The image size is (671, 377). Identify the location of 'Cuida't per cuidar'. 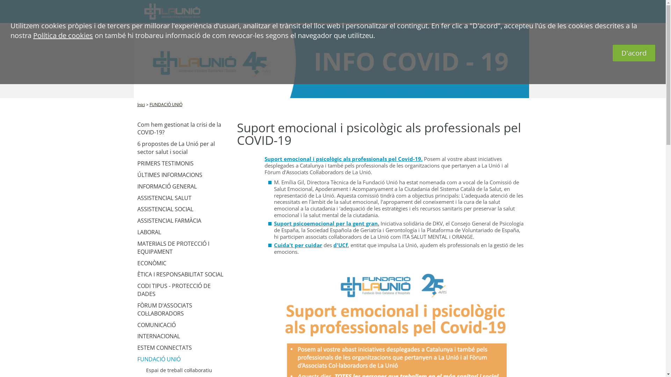
(298, 245).